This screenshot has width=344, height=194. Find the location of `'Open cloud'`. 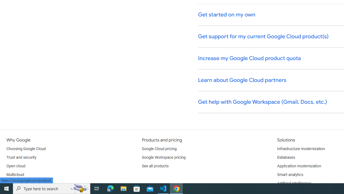

'Open cloud' is located at coordinates (16, 166).